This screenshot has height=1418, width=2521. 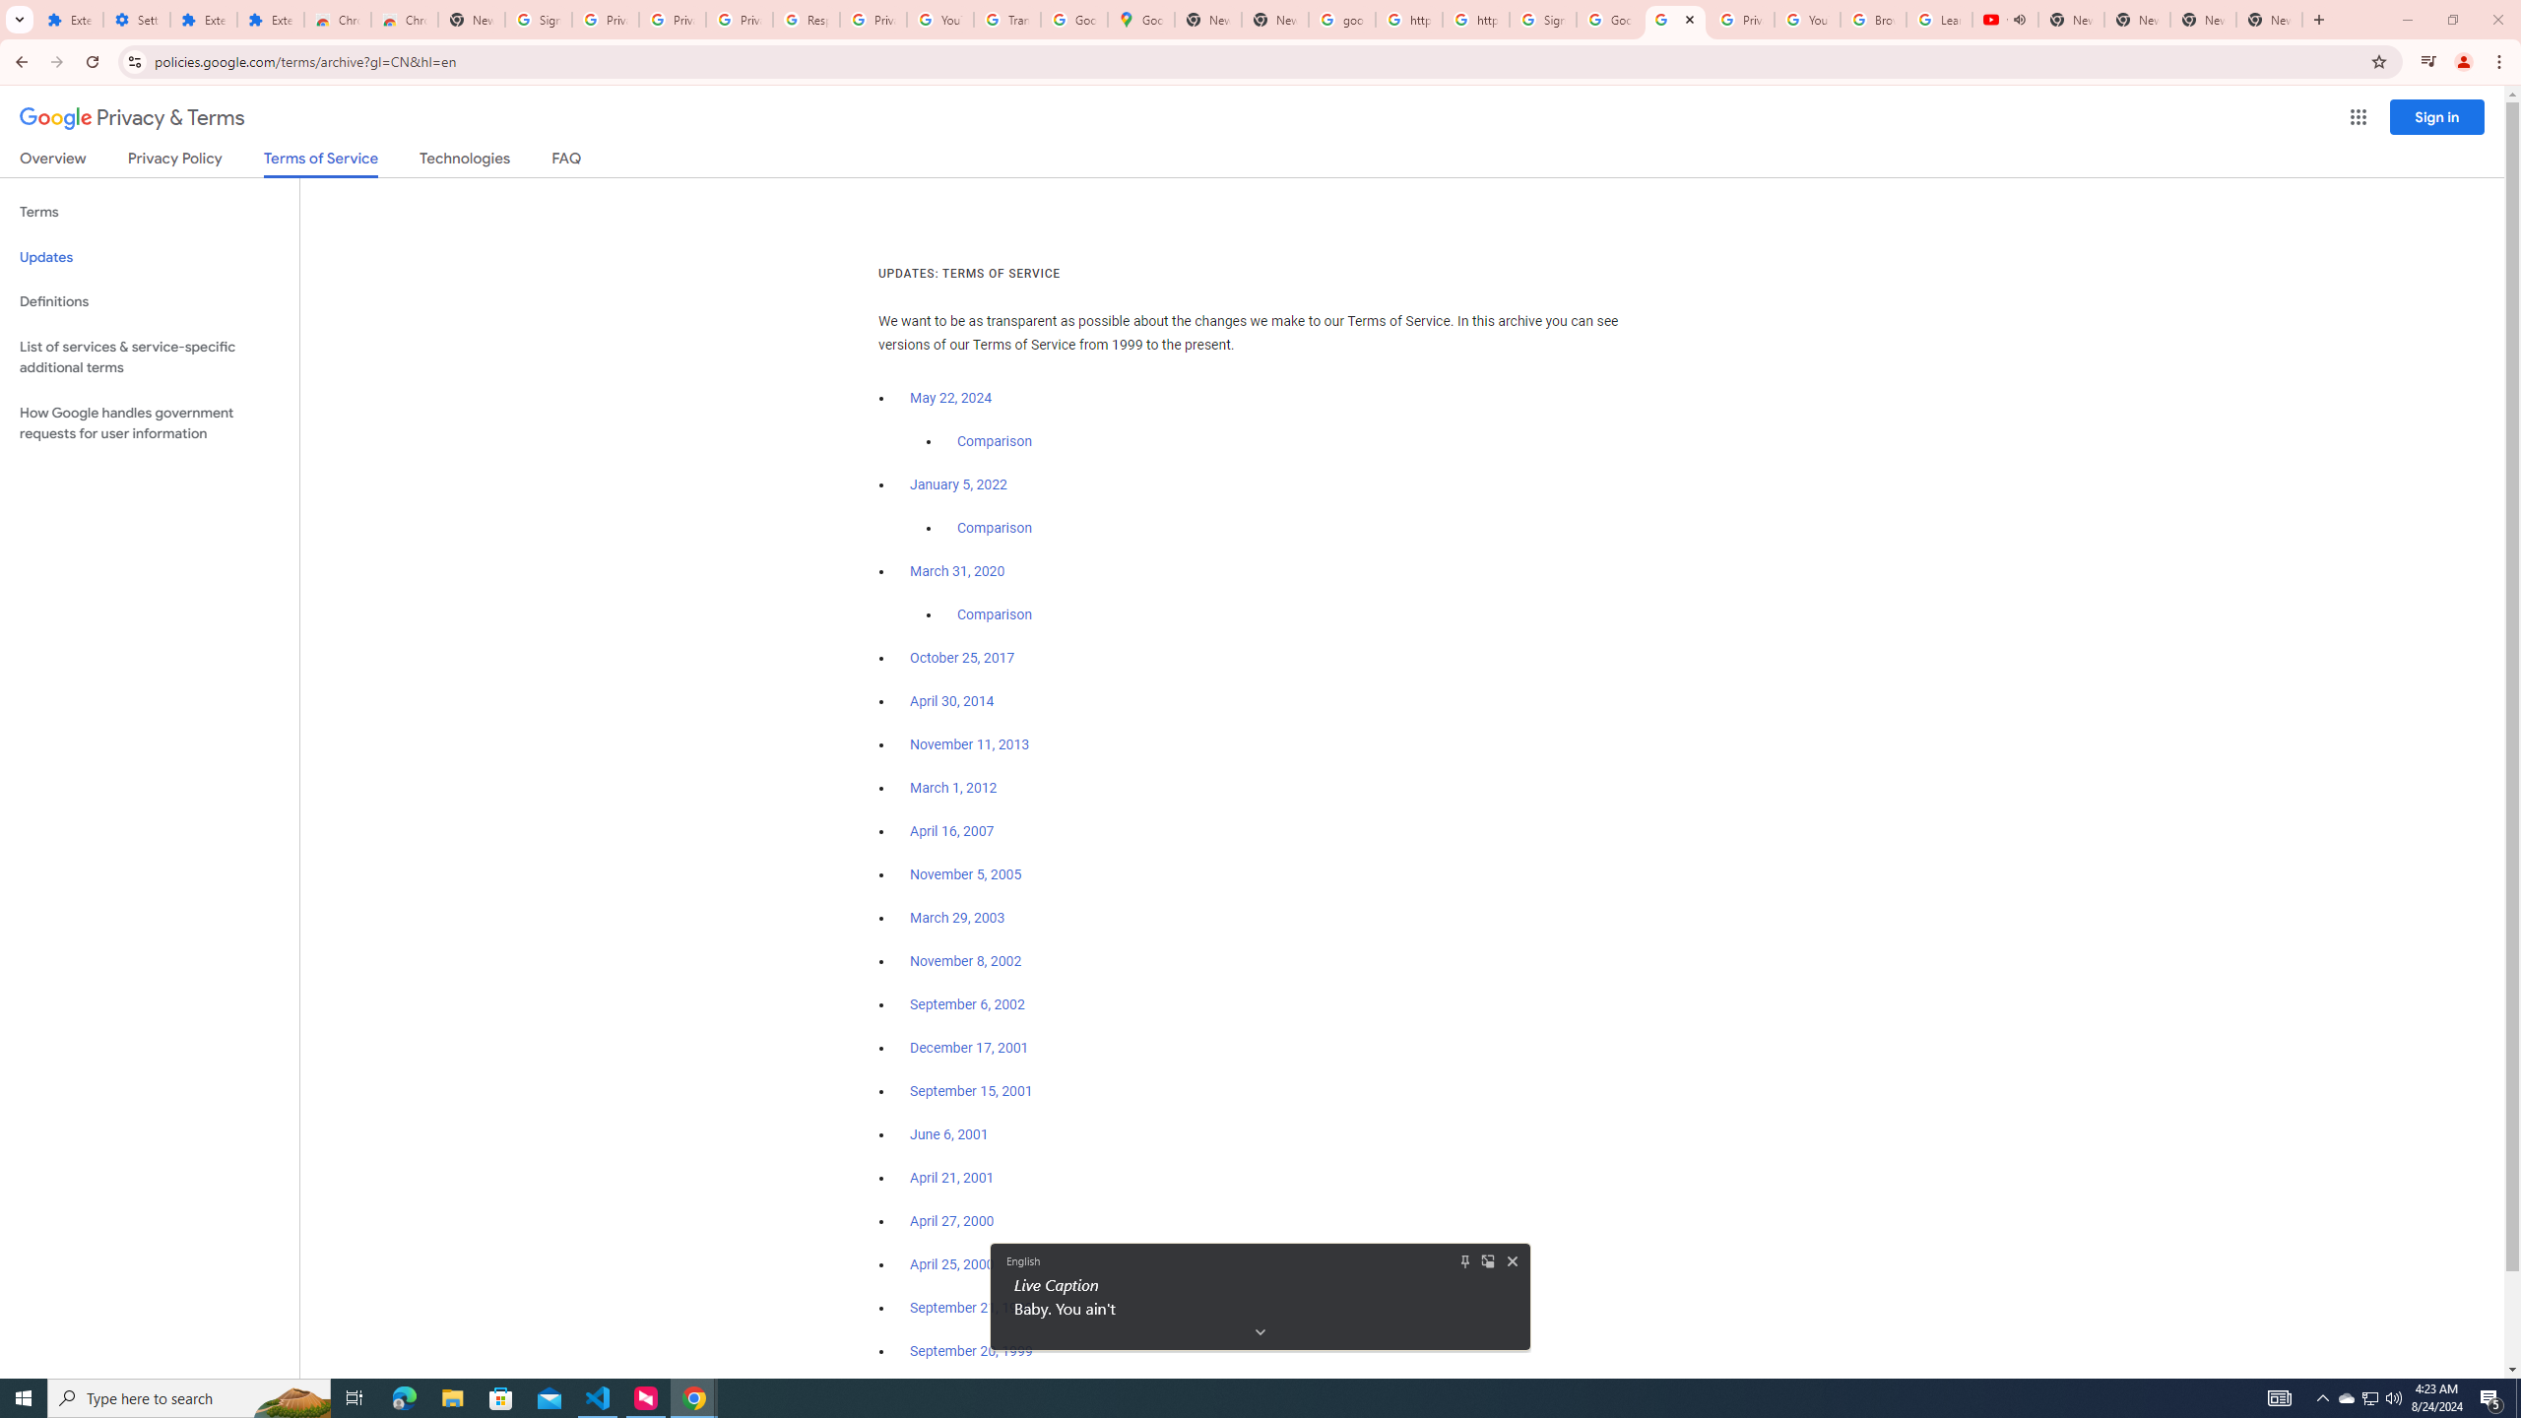 I want to click on 'Extensions', so click(x=270, y=19).